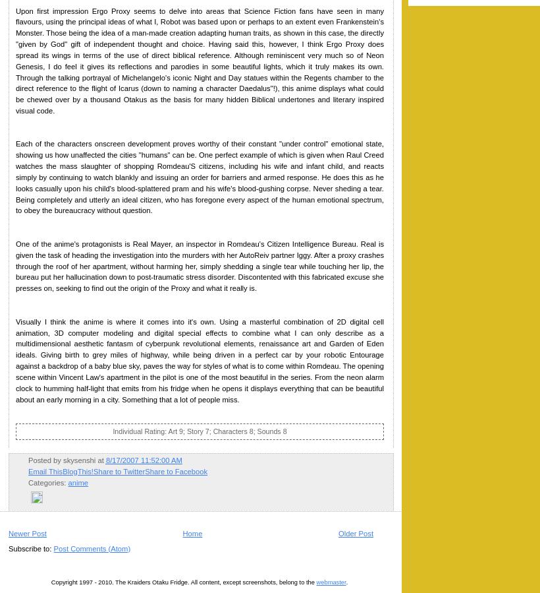  I want to click on 'Newer Post', so click(26, 533).